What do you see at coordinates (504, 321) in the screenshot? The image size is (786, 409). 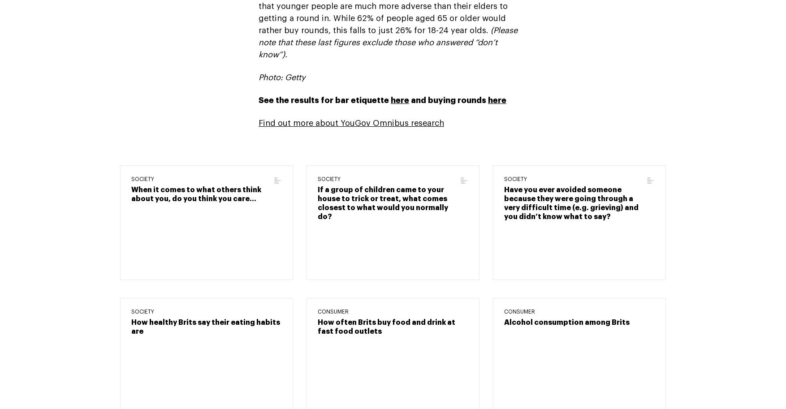 I see `'Alcohol consumption among Brits'` at bounding box center [504, 321].